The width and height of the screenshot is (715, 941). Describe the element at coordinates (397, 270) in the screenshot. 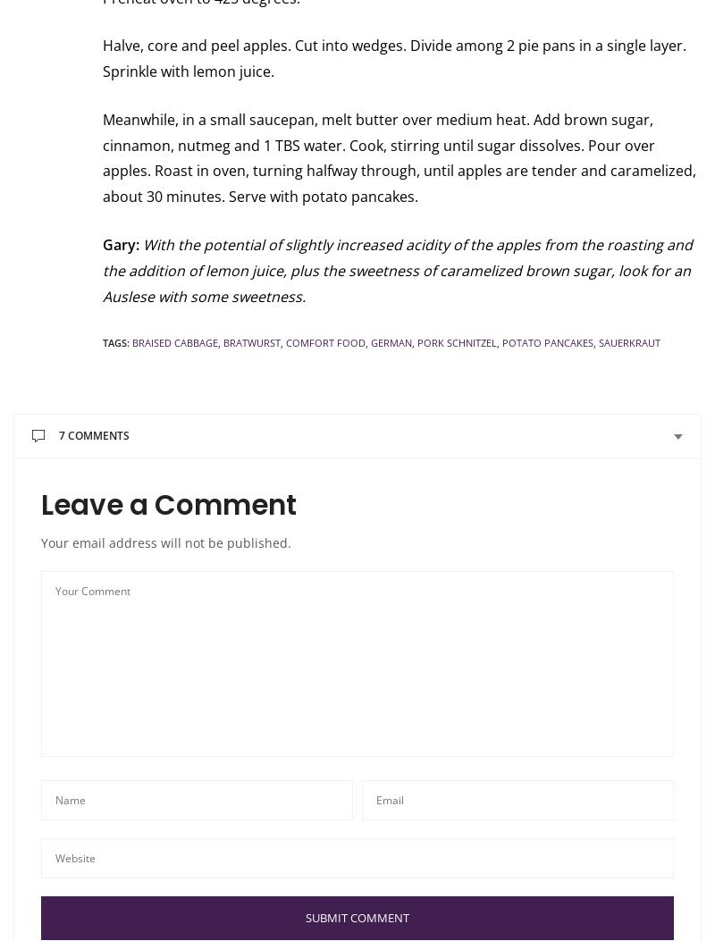

I see `'With the potential of slightly increased acidity of the apples from the roasting and the addition of lemon juice, plus the sweetness of caramelized brown sugar, look for an Auslese with some sweetness.'` at that location.